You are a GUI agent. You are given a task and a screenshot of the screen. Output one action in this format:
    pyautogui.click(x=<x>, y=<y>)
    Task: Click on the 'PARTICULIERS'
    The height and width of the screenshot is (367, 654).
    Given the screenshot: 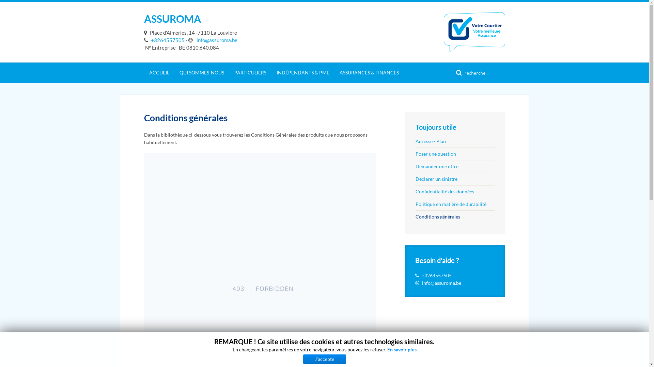 What is the action you would take?
    pyautogui.click(x=229, y=72)
    